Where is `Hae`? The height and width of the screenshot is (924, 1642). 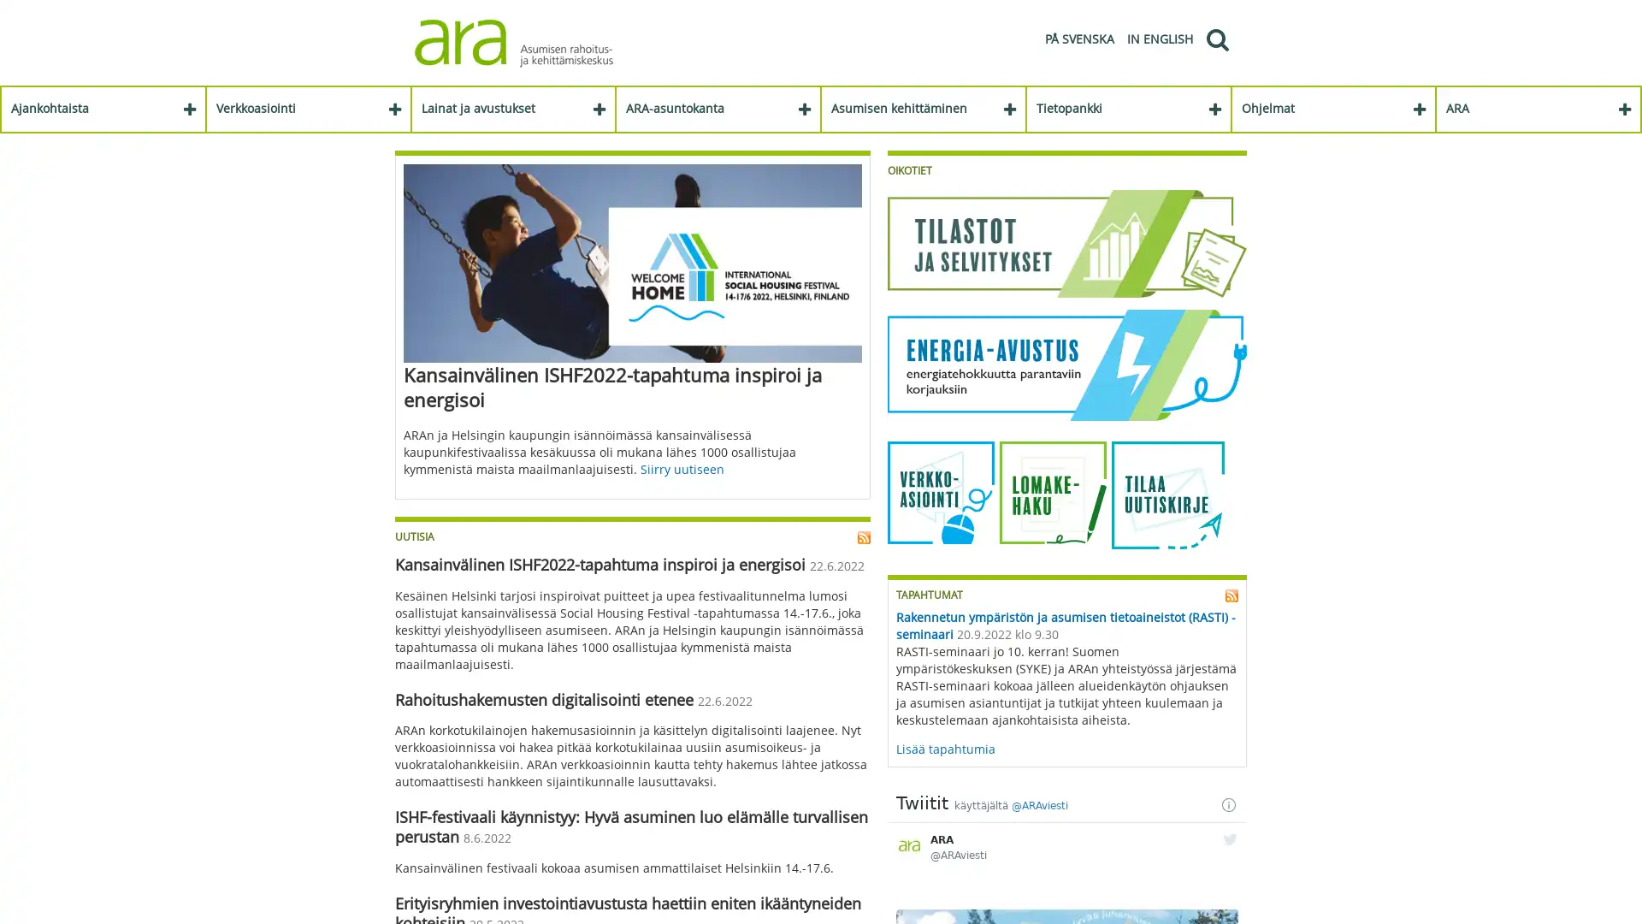
Hae is located at coordinates (1215, 38).